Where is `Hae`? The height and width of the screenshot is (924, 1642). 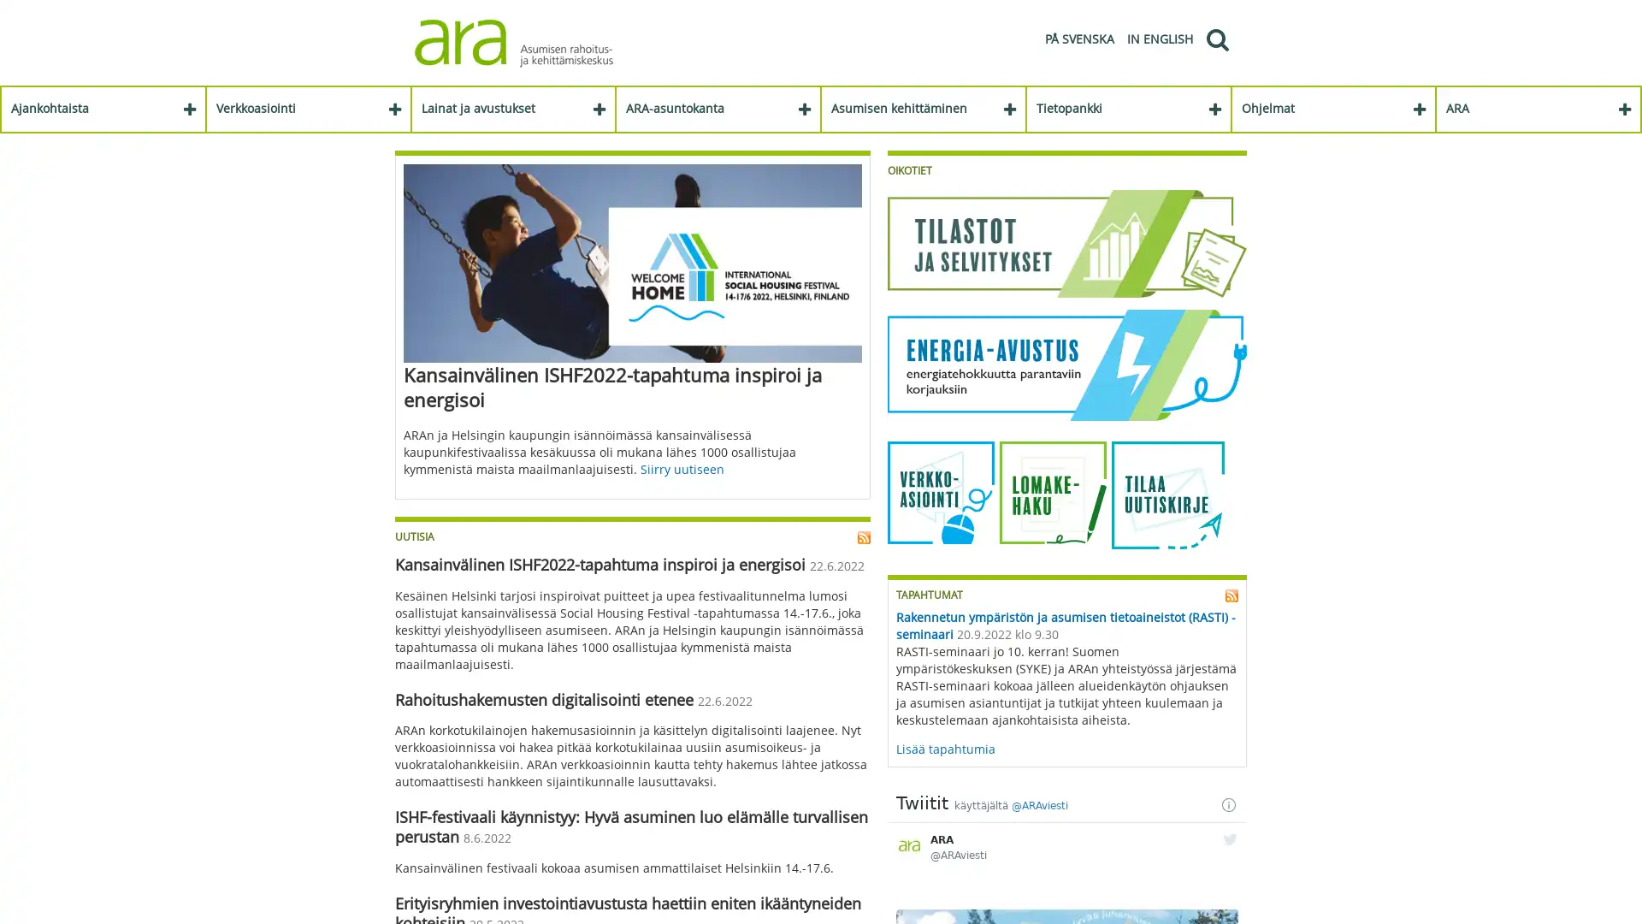
Hae is located at coordinates (1215, 38).